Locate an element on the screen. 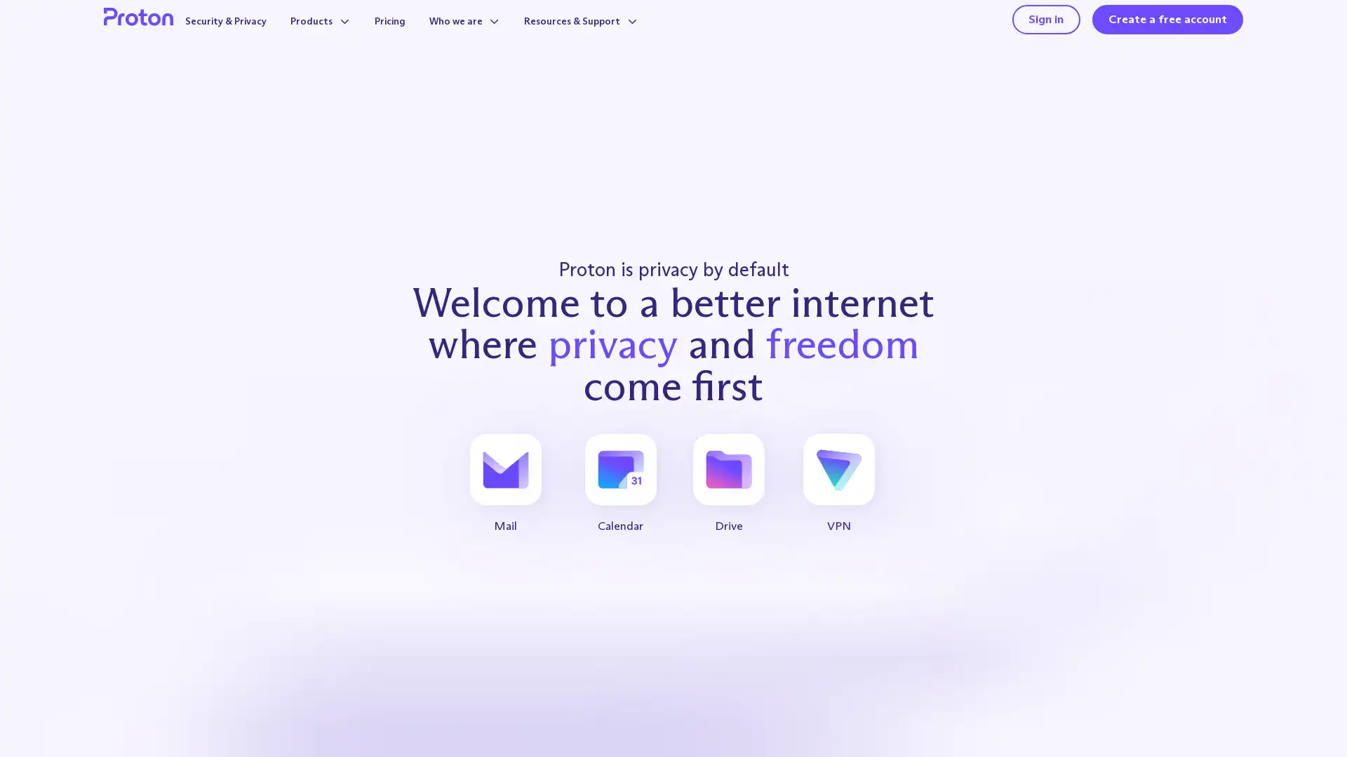 This screenshot has height=757, width=1347. Resources & Support is located at coordinates (606, 36).